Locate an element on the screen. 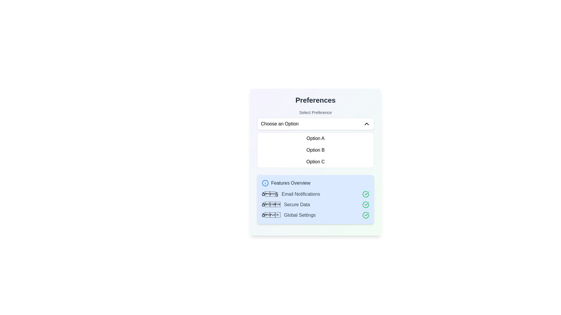  the circular green outlined icon with a checkmark inside, located in the last column of the 'Email Notifications' row in the 'Features Overview' section is located at coordinates (366, 194).